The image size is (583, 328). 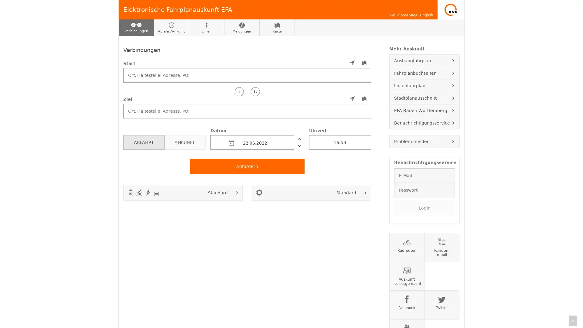 What do you see at coordinates (241, 28) in the screenshot?
I see `Meldungen` at bounding box center [241, 28].